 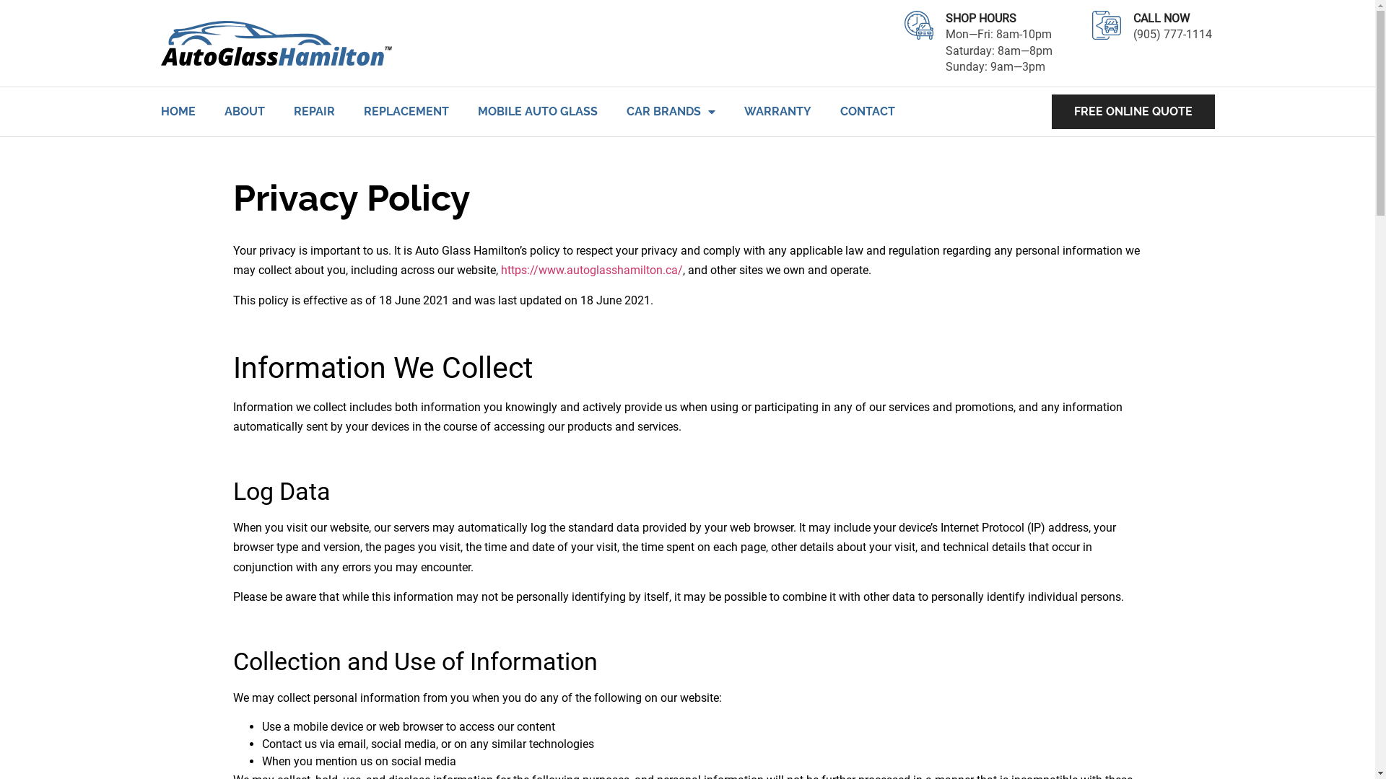 I want to click on 'REPLACEMENT', so click(x=364, y=110).